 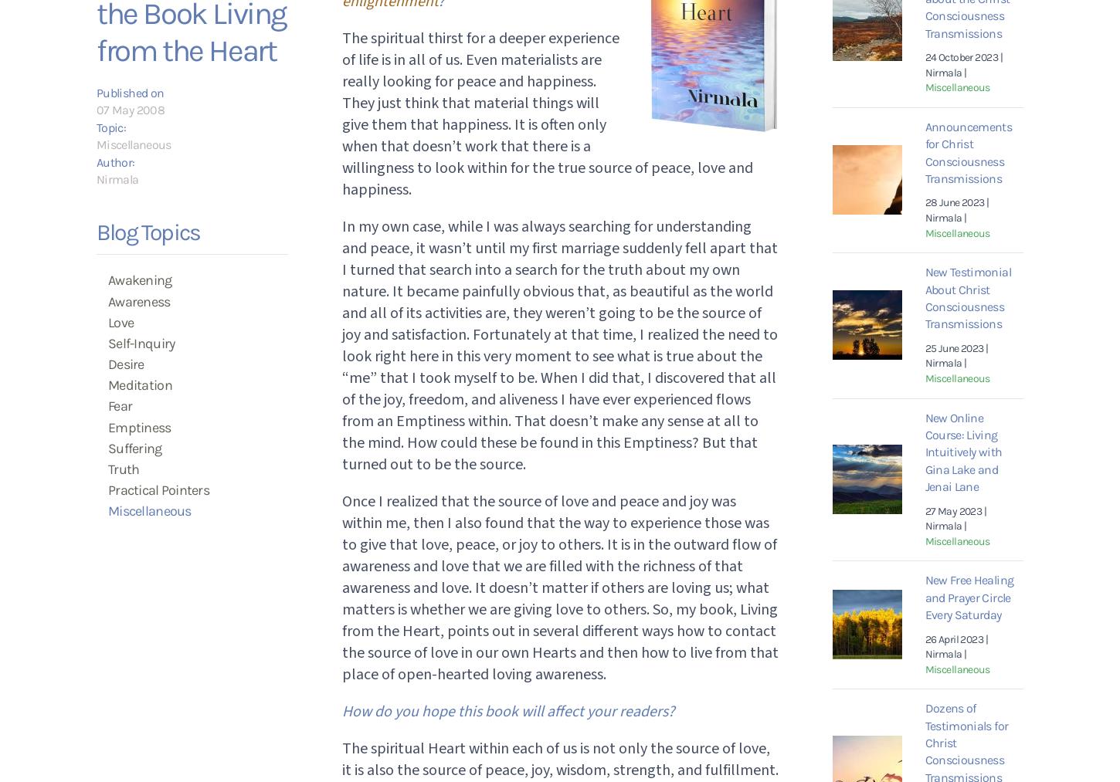 I want to click on '24 October 2023', so click(x=923, y=56).